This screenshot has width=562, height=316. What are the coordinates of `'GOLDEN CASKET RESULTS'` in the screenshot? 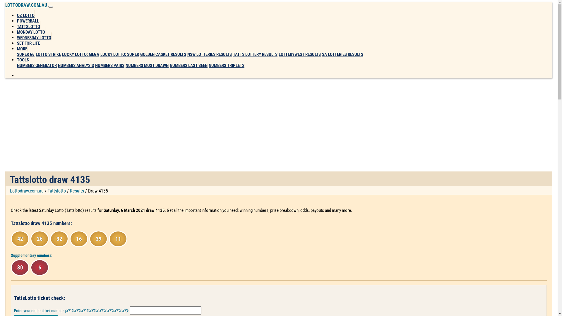 It's located at (163, 54).